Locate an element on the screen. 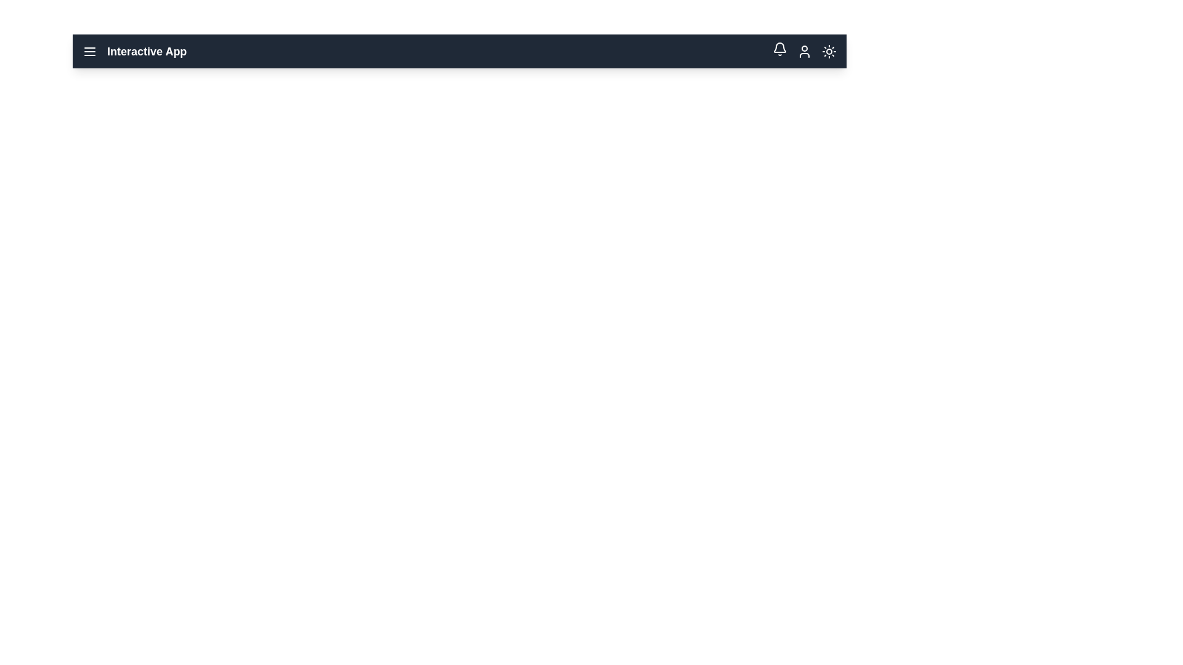 Image resolution: width=1183 pixels, height=665 pixels. the notification bell icon is located at coordinates (779, 49).